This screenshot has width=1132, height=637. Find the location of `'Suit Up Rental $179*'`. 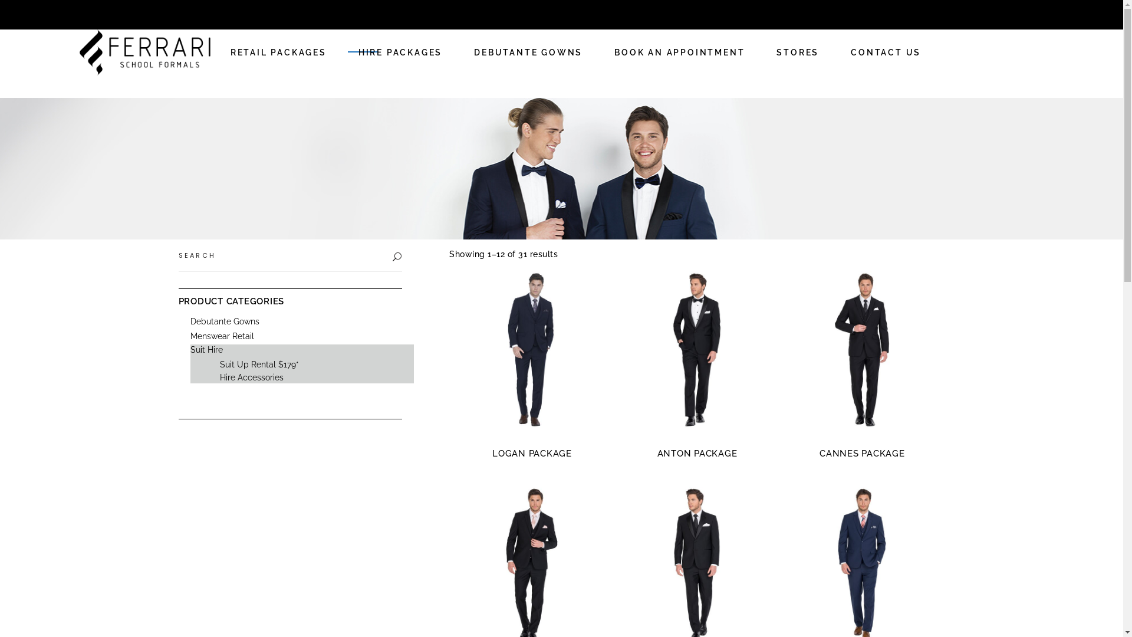

'Suit Up Rental $179*' is located at coordinates (219, 363).